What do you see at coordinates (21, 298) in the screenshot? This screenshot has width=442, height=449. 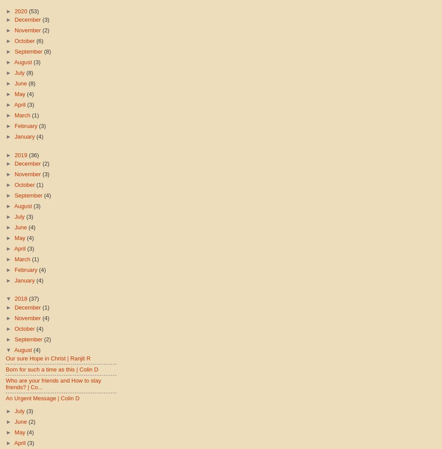 I see `'2018'` at bounding box center [21, 298].